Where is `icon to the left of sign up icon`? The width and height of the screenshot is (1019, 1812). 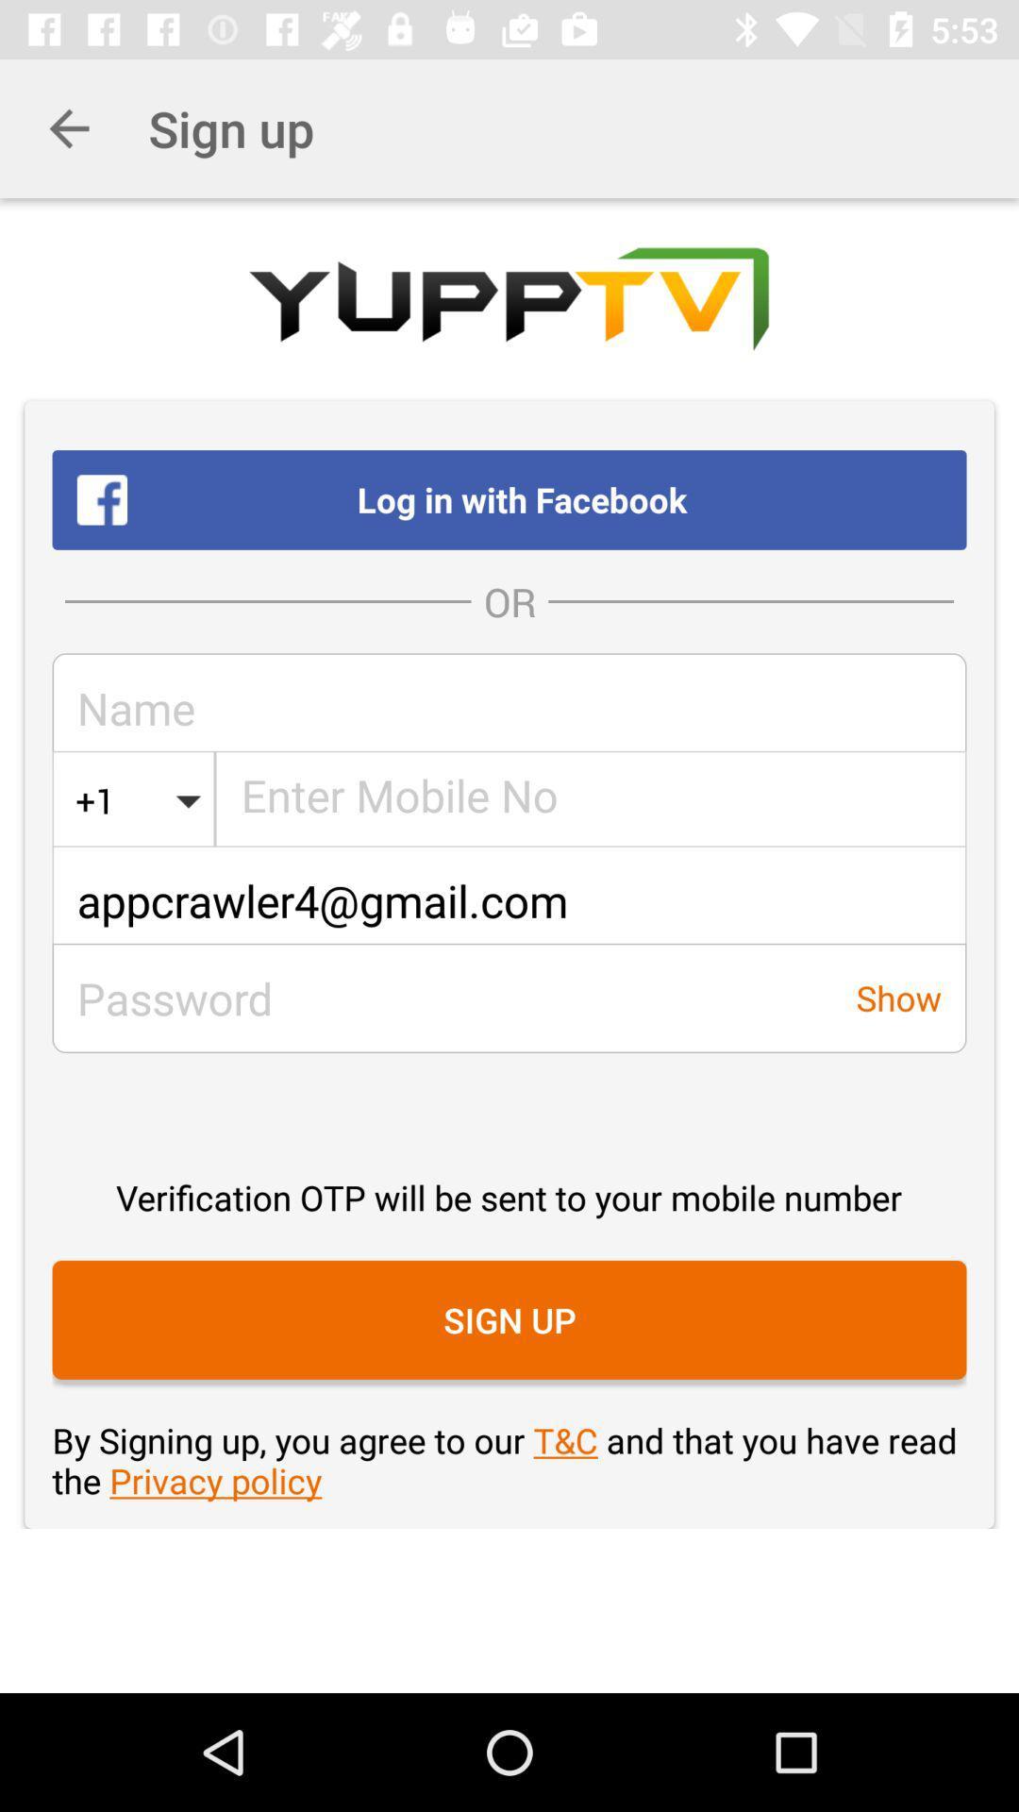 icon to the left of sign up icon is located at coordinates (68, 127).